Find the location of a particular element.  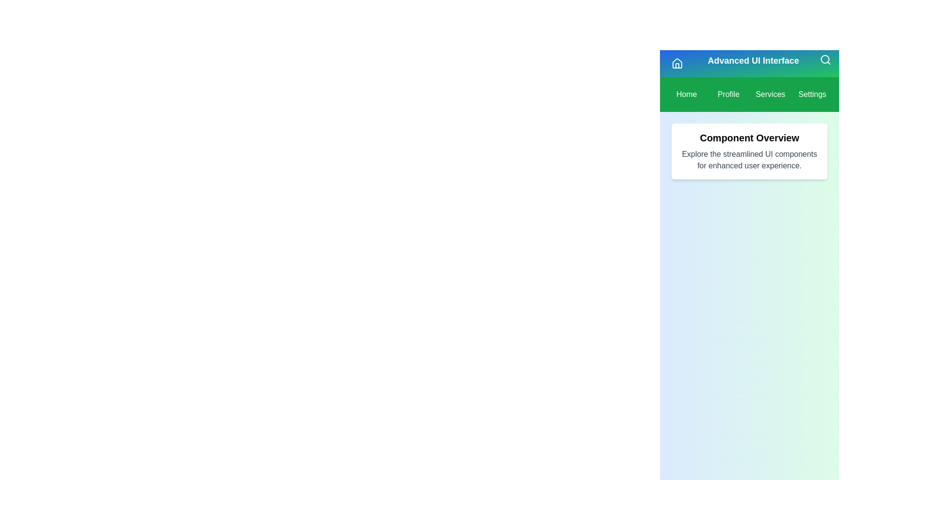

the menu item Services to navigate to the corresponding section is located at coordinates (770, 95).